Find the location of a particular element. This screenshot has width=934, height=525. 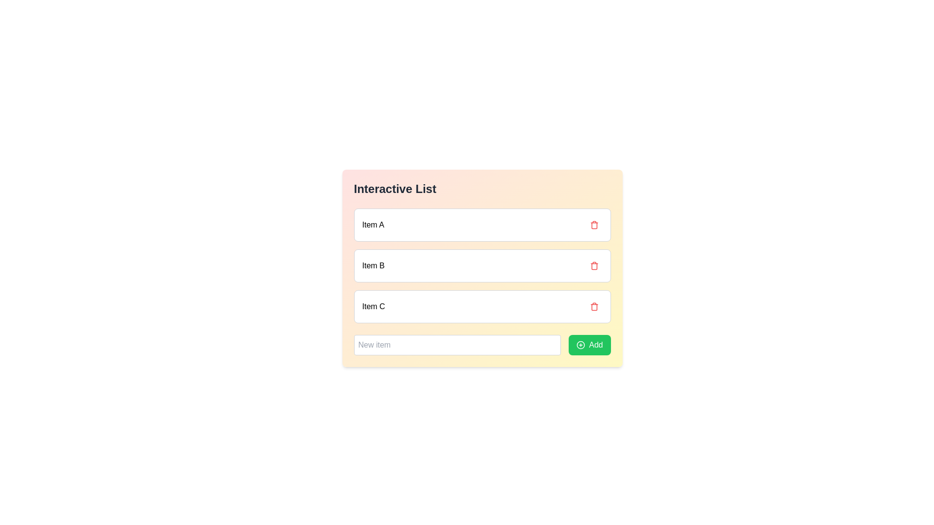

the delete icon located to the far-right side of the input field labeled 'Item A' is located at coordinates (593, 225).